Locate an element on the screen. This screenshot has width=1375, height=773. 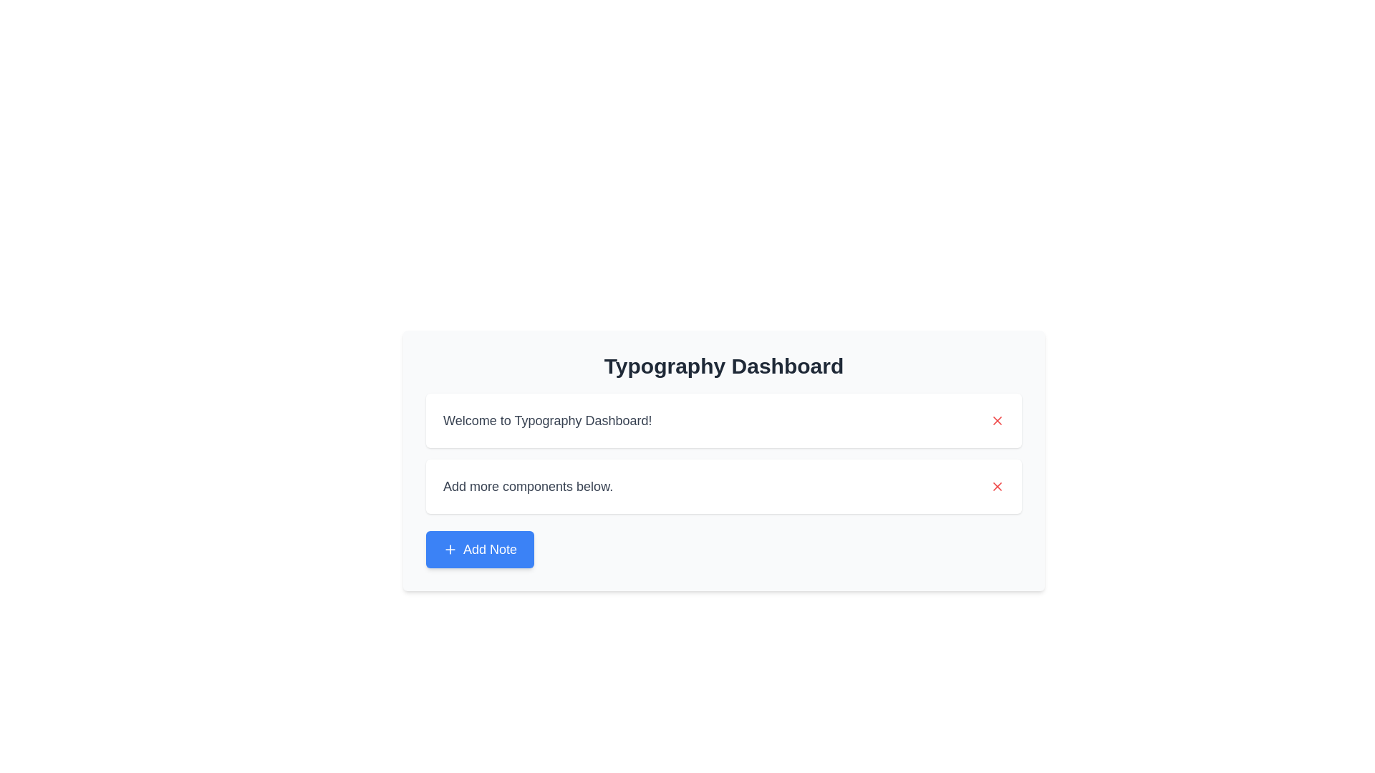
the small red cross icon, which is a minimalistic Close icon located to the right of the second text box labeled 'Add more components below.' is located at coordinates (996, 485).